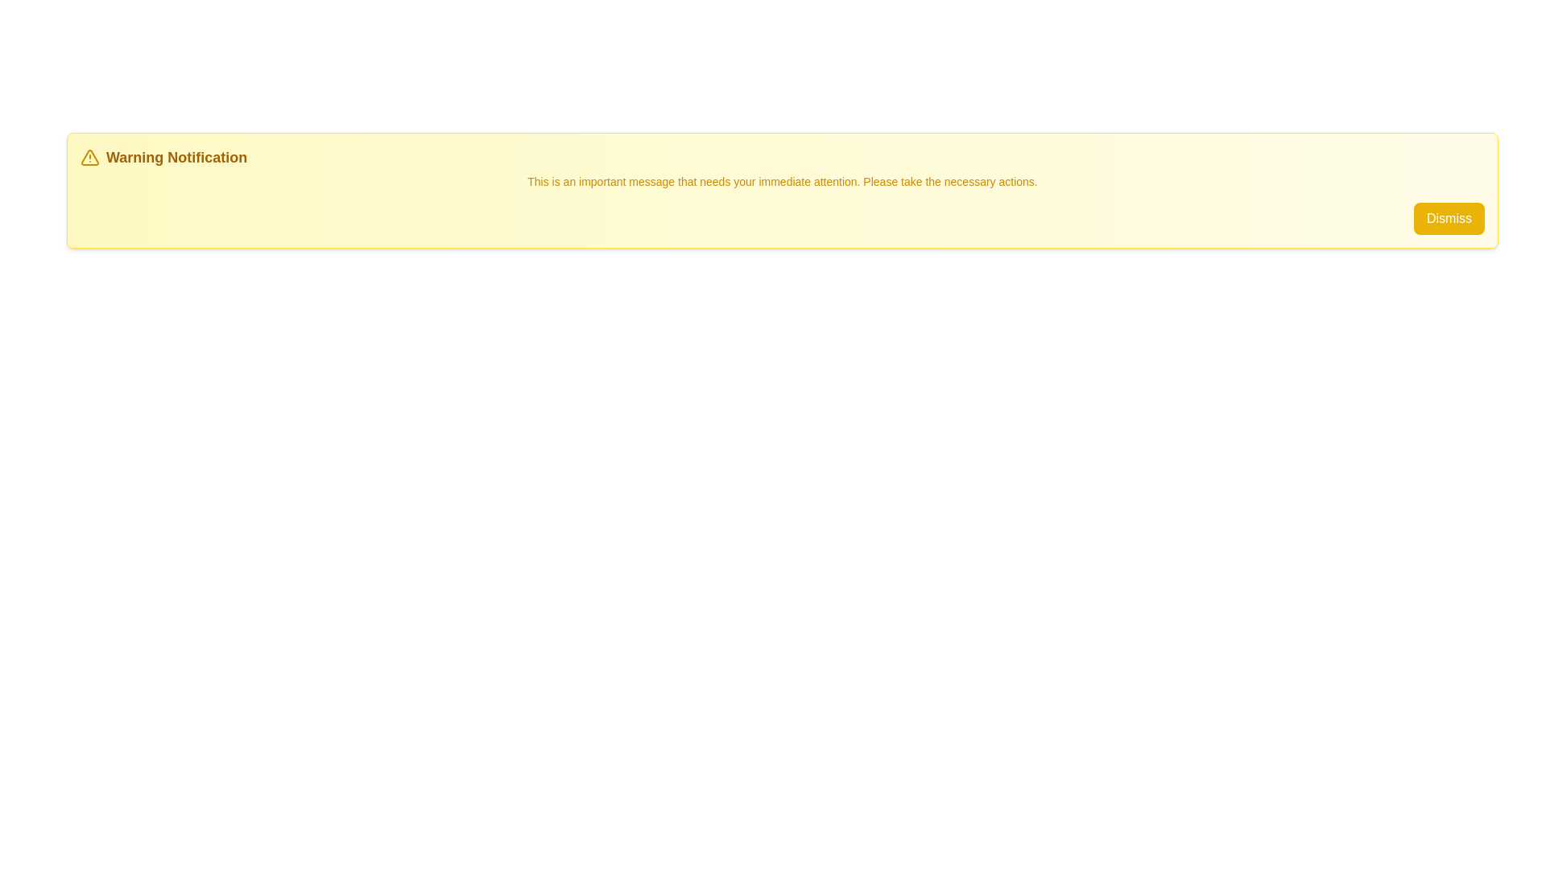 Image resolution: width=1546 pixels, height=869 pixels. What do you see at coordinates (176, 158) in the screenshot?
I see `warning text label located near the top-left corner of the notification banner, adjacent to the warning icon` at bounding box center [176, 158].